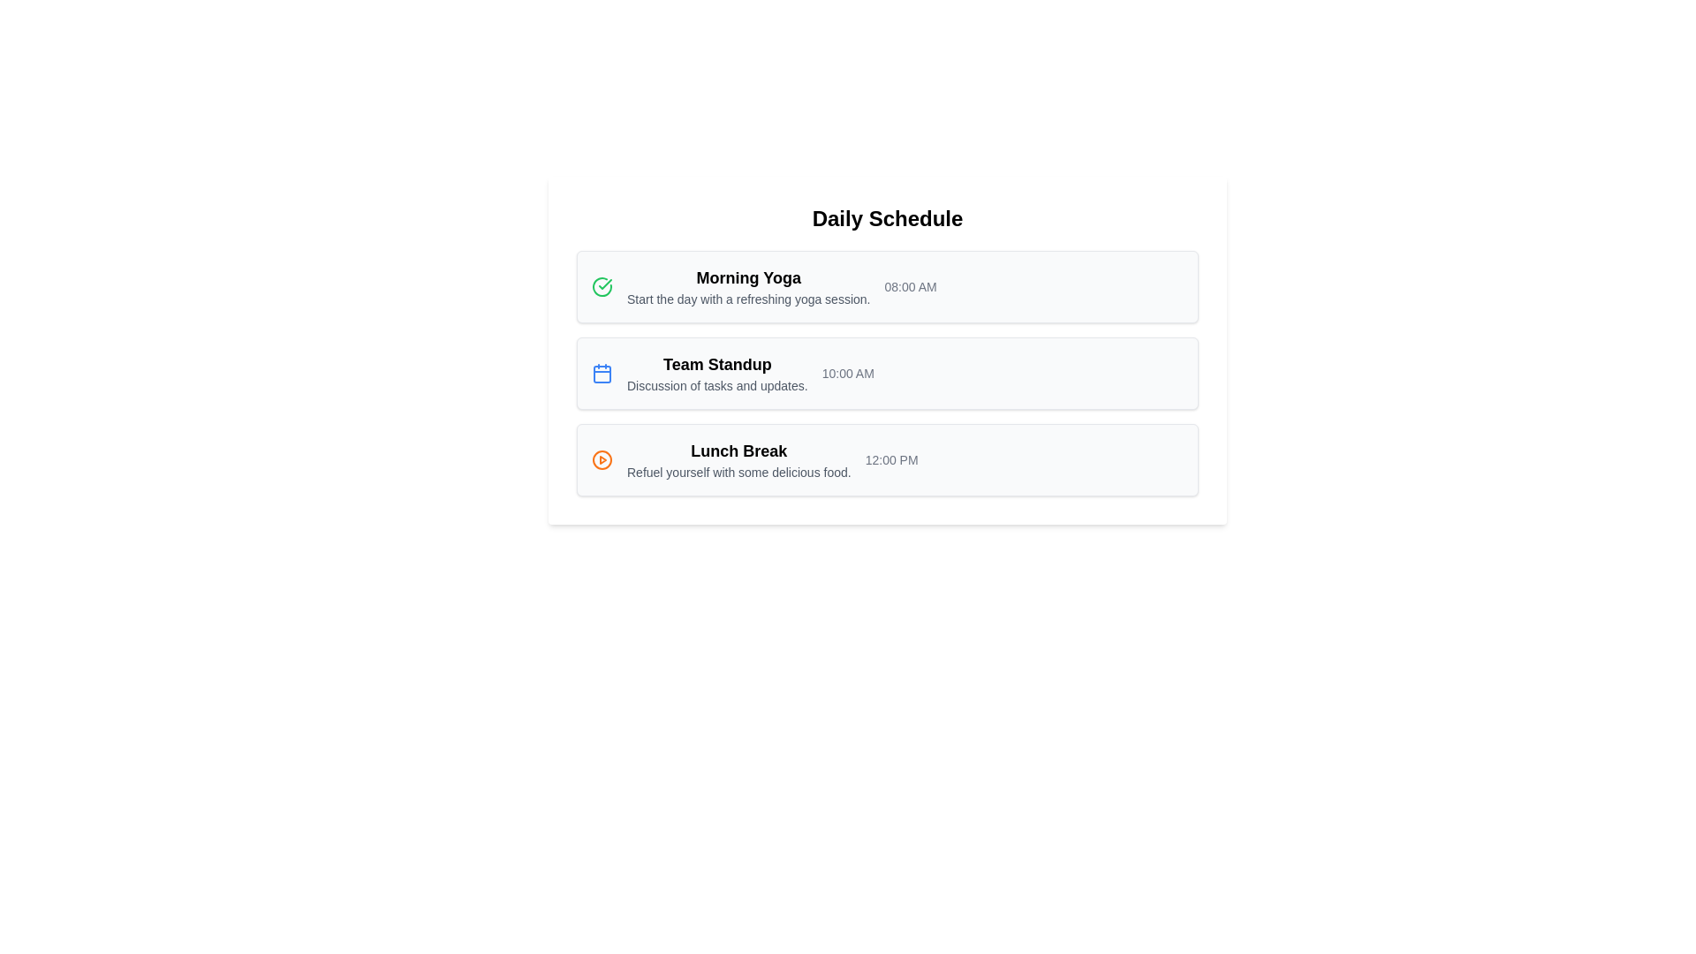 This screenshot has height=954, width=1696. I want to click on descriptive text 'Refuel yourself with some delicious food.' located below the heading 'Lunch Break.', so click(738, 472).